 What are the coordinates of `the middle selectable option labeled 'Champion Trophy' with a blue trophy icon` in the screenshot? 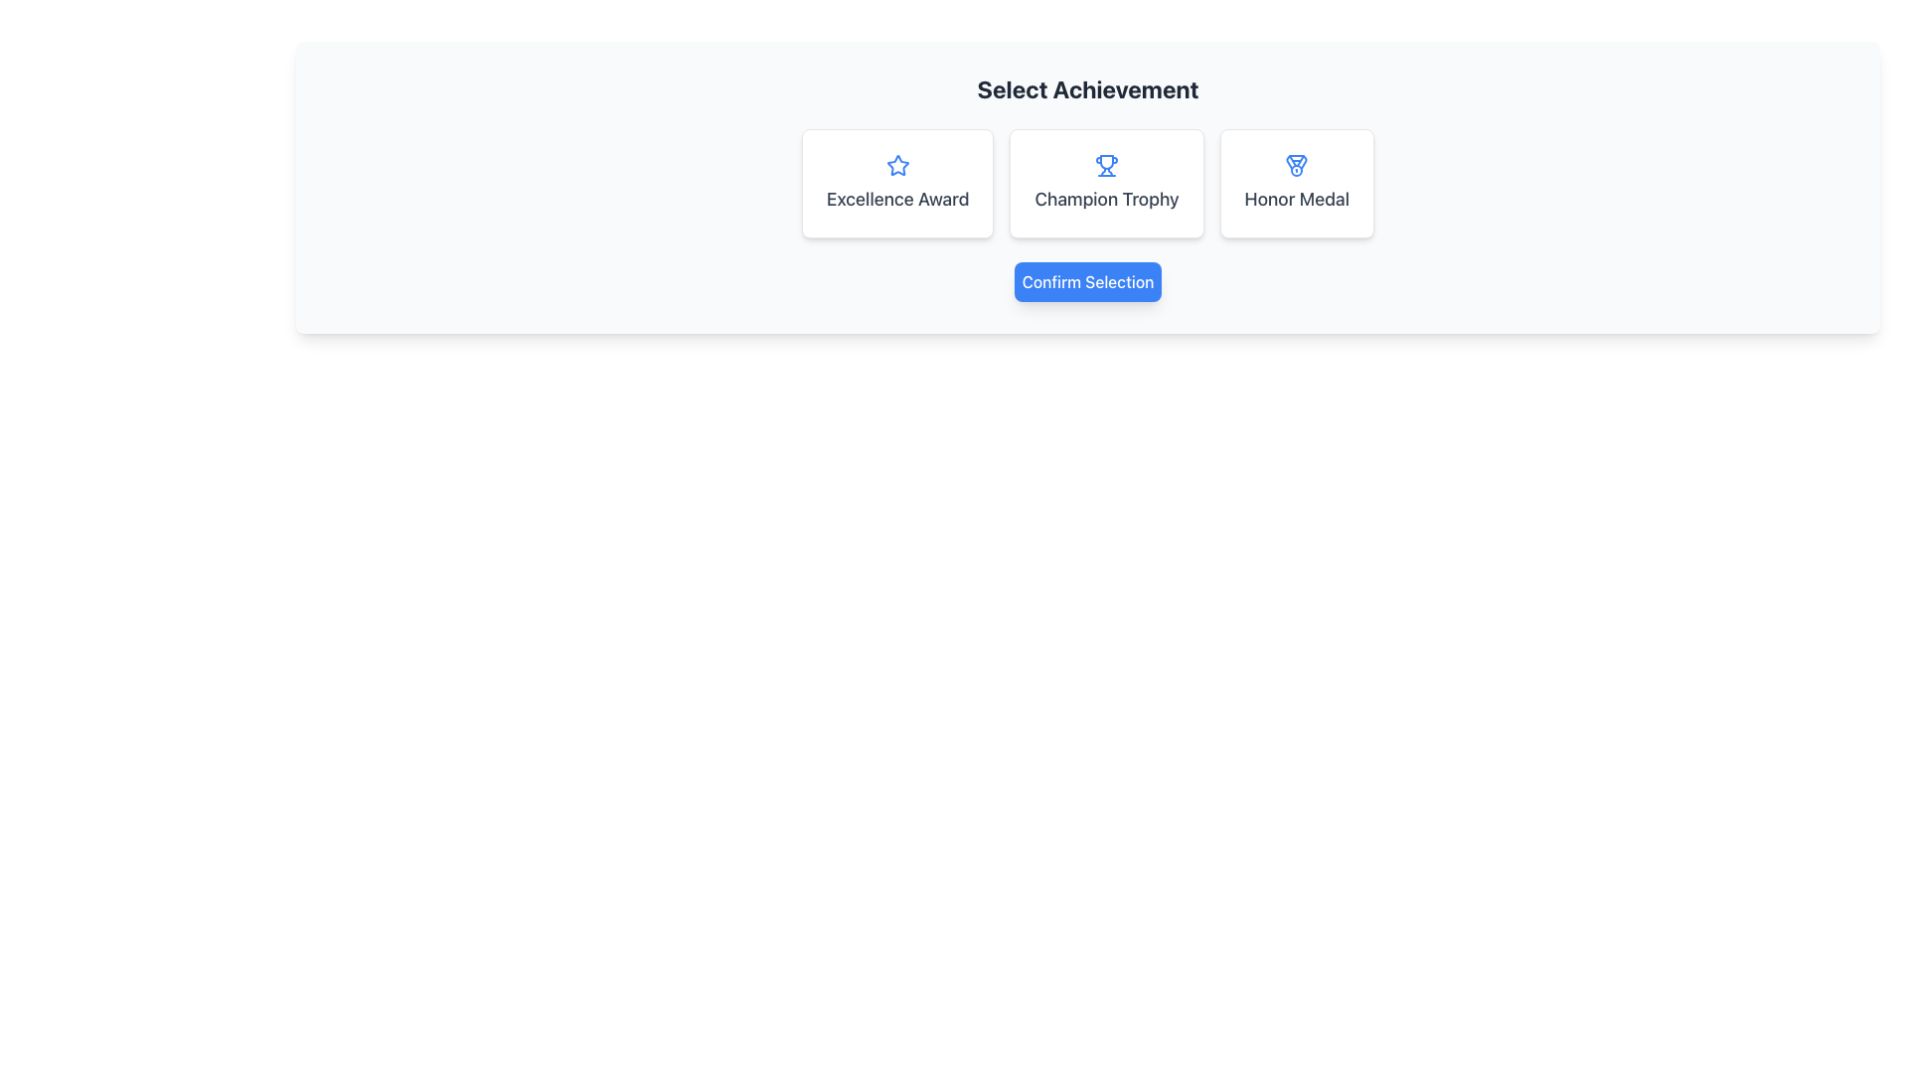 It's located at (1086, 184).